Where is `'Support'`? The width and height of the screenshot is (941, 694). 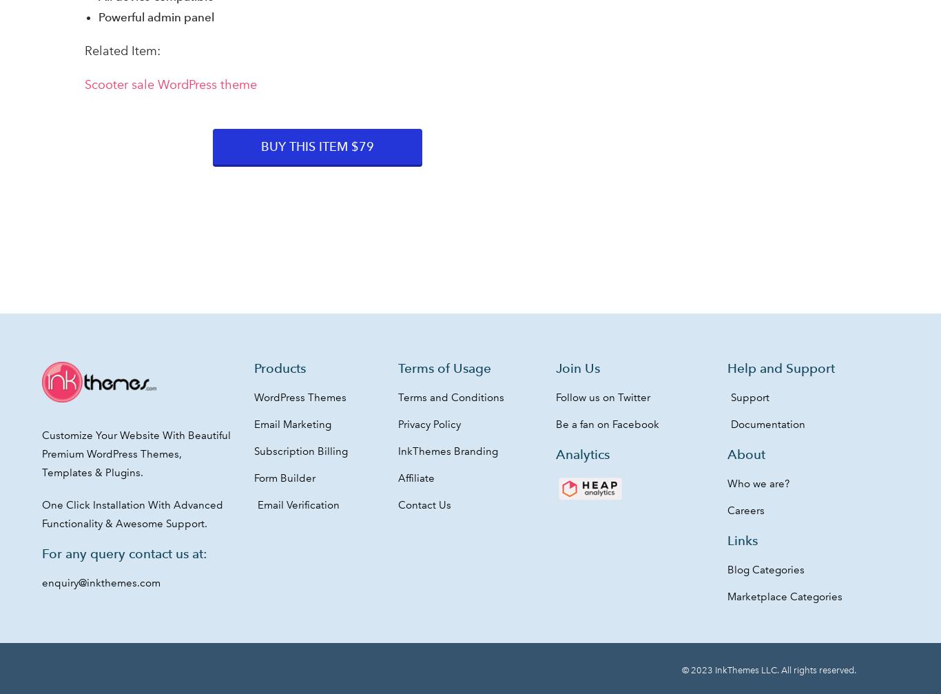 'Support' is located at coordinates (749, 397).